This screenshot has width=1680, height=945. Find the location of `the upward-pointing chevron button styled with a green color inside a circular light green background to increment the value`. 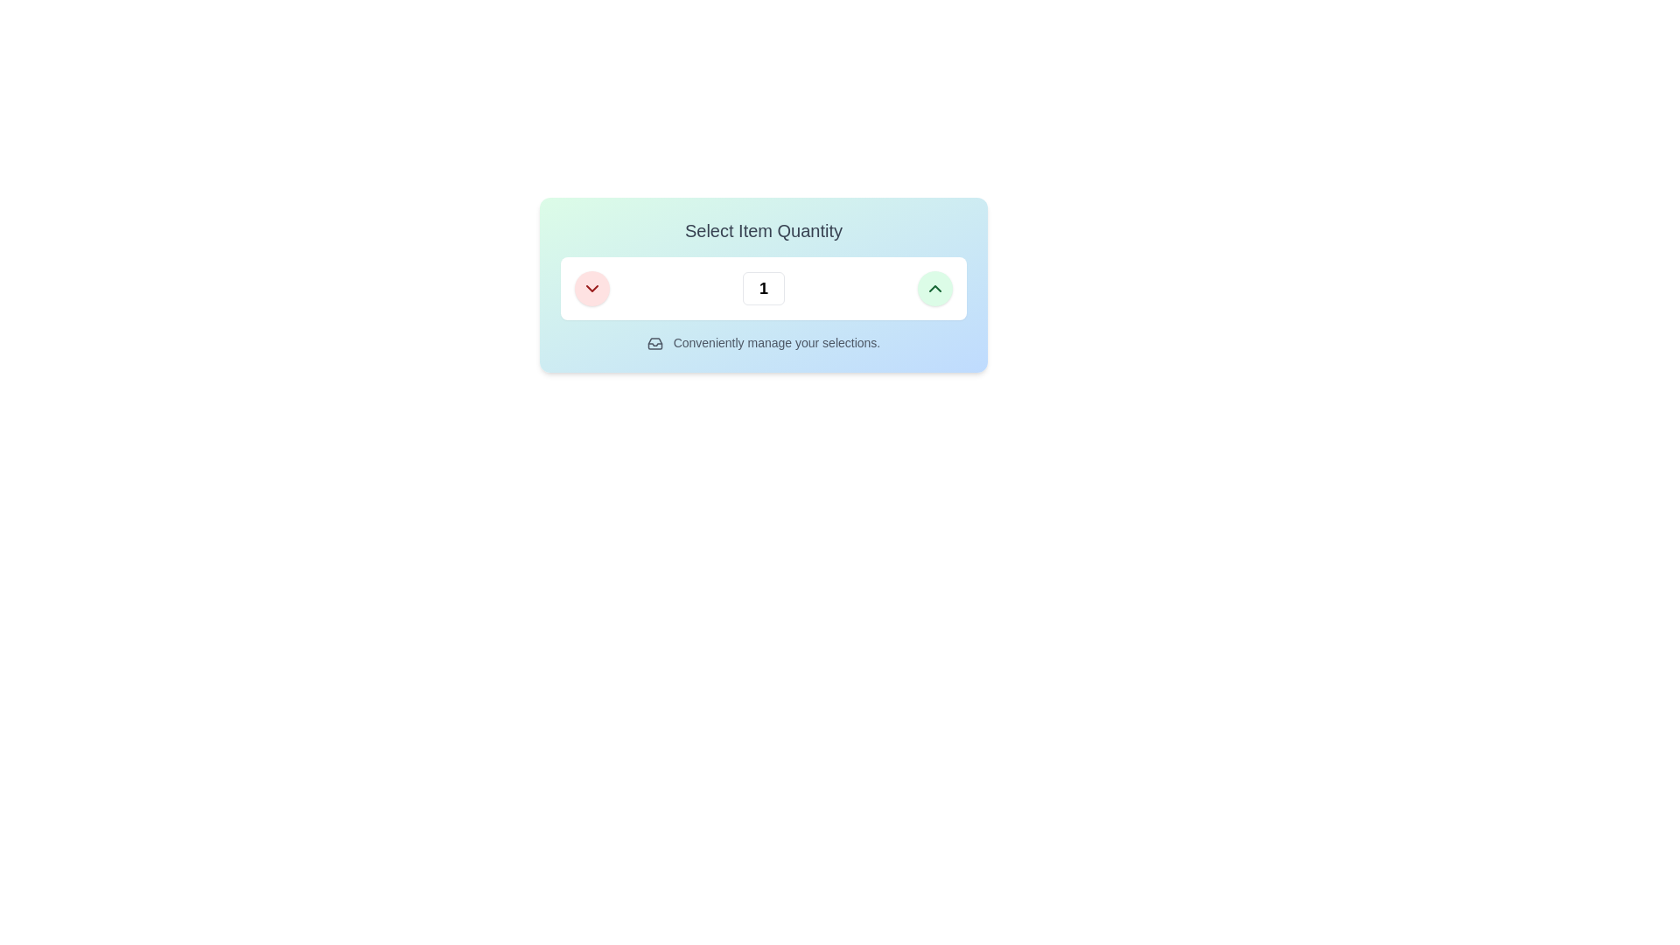

the upward-pointing chevron button styled with a green color inside a circular light green background to increment the value is located at coordinates (934, 288).